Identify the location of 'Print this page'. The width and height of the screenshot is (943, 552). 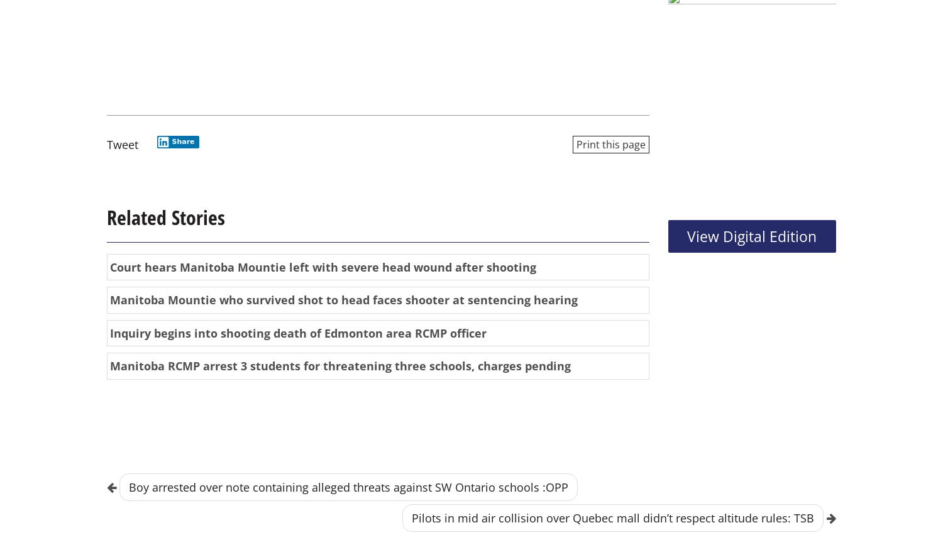
(609, 143).